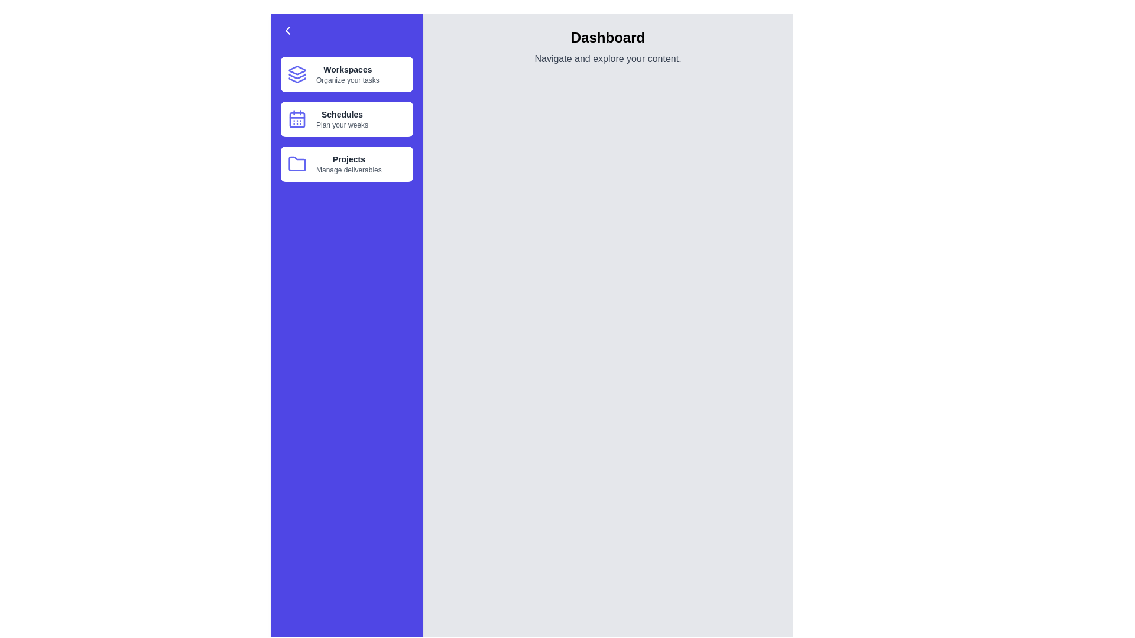 The width and height of the screenshot is (1135, 638). I want to click on the menu item Projects from the navigation drawer, so click(346, 164).